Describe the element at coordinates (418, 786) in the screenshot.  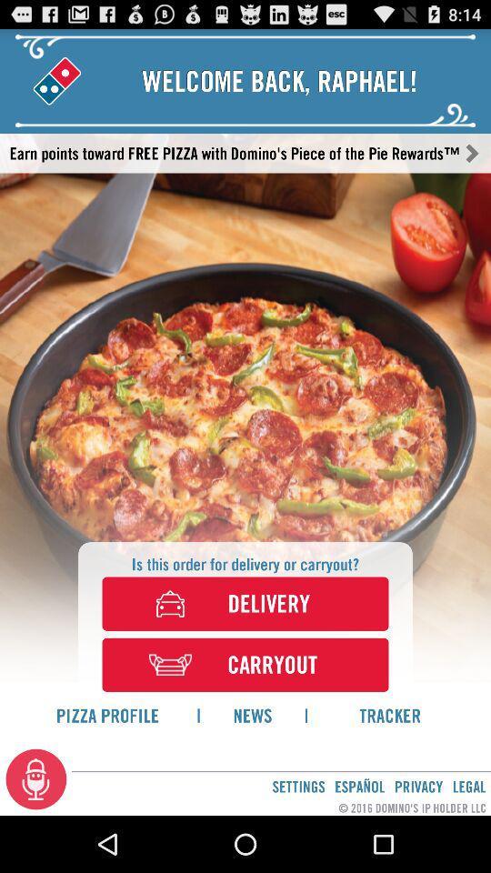
I see `app next to legal app` at that location.